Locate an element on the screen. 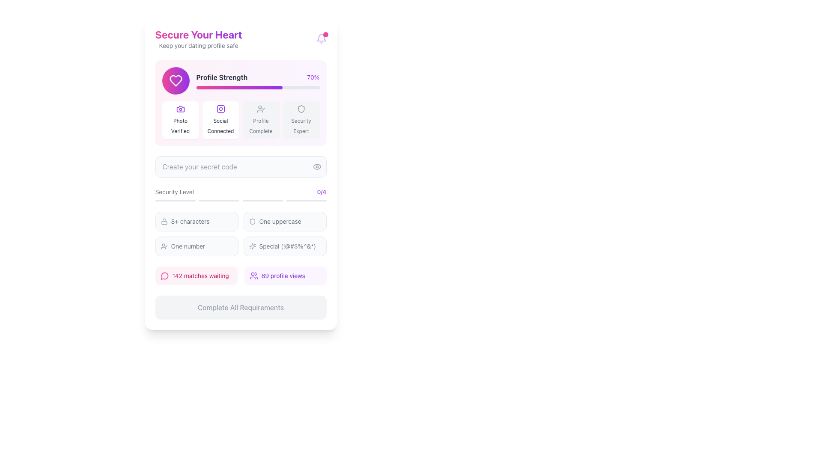  statistical information displayed in the Information Display Box located near the bottom of the main panel, above the 'Complete All Requirements' button is located at coordinates (240, 275).